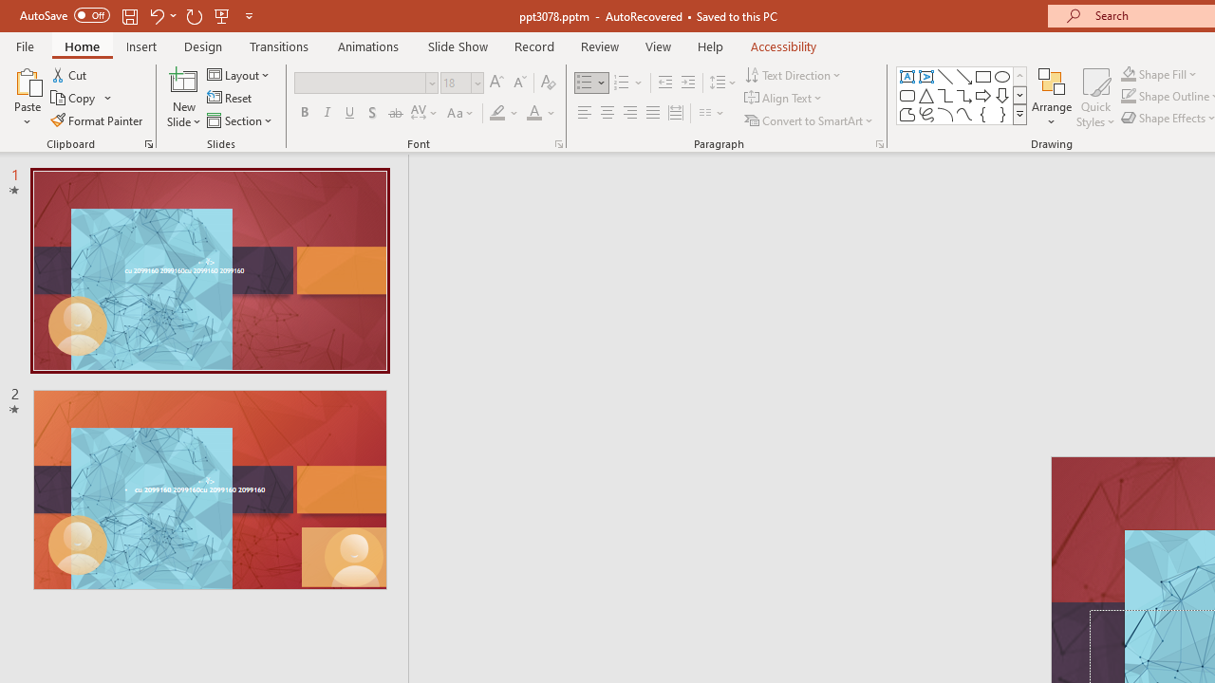 The height and width of the screenshot is (683, 1215). What do you see at coordinates (907, 114) in the screenshot?
I see `'Freeform: Shape'` at bounding box center [907, 114].